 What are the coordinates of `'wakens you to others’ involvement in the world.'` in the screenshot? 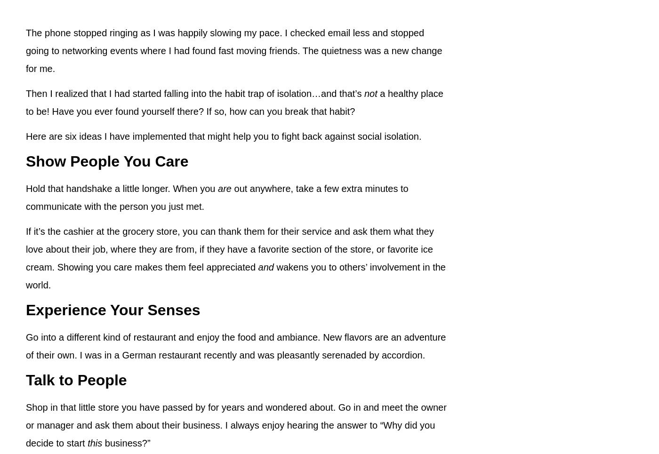 It's located at (235, 276).